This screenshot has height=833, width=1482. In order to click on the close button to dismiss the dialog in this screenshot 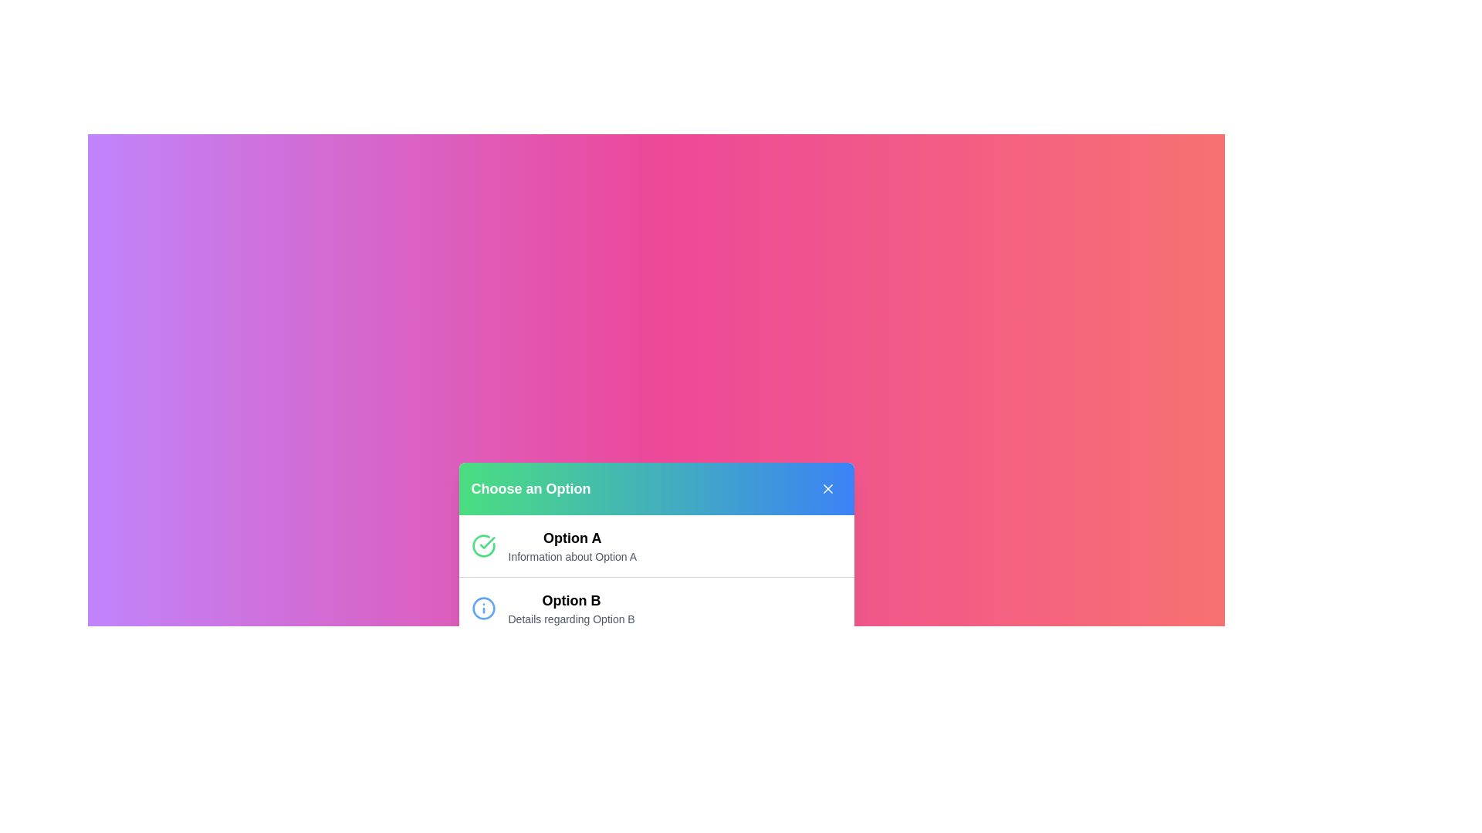, I will do `click(827, 488)`.